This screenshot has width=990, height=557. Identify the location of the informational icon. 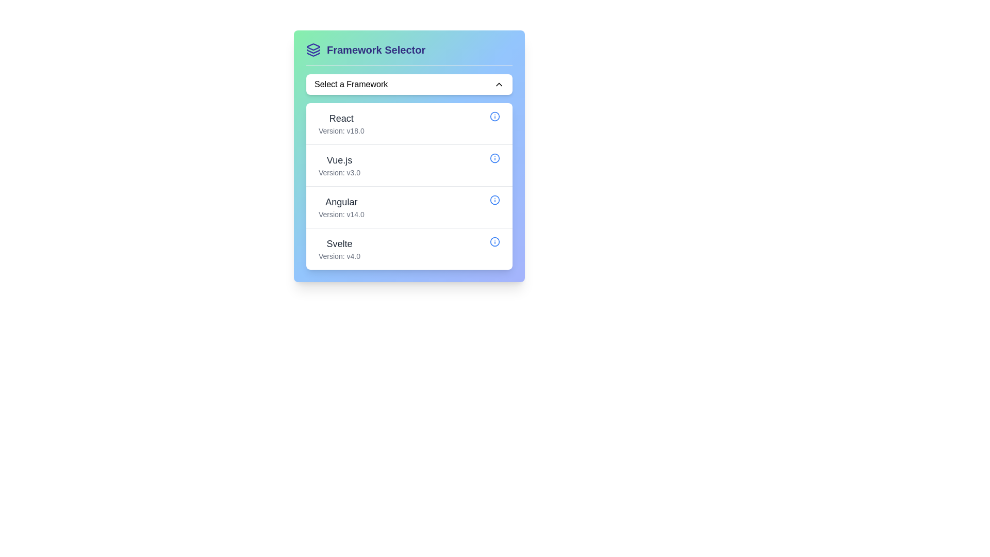
(495, 242).